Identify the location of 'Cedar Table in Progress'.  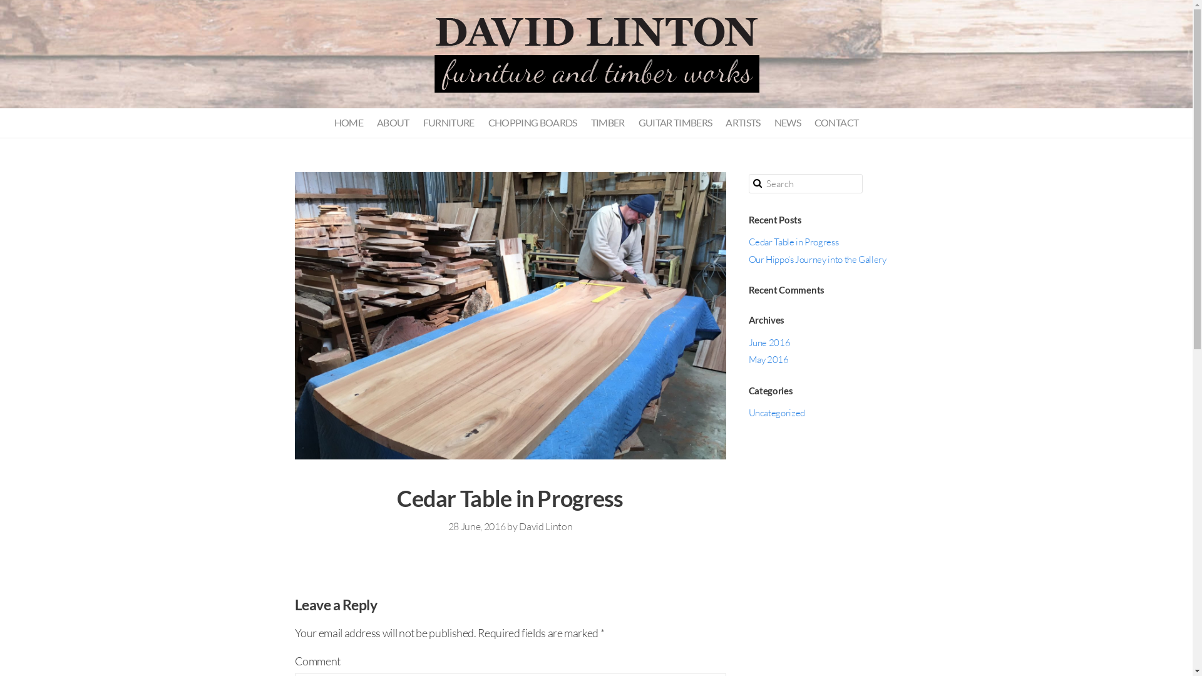
(793, 242).